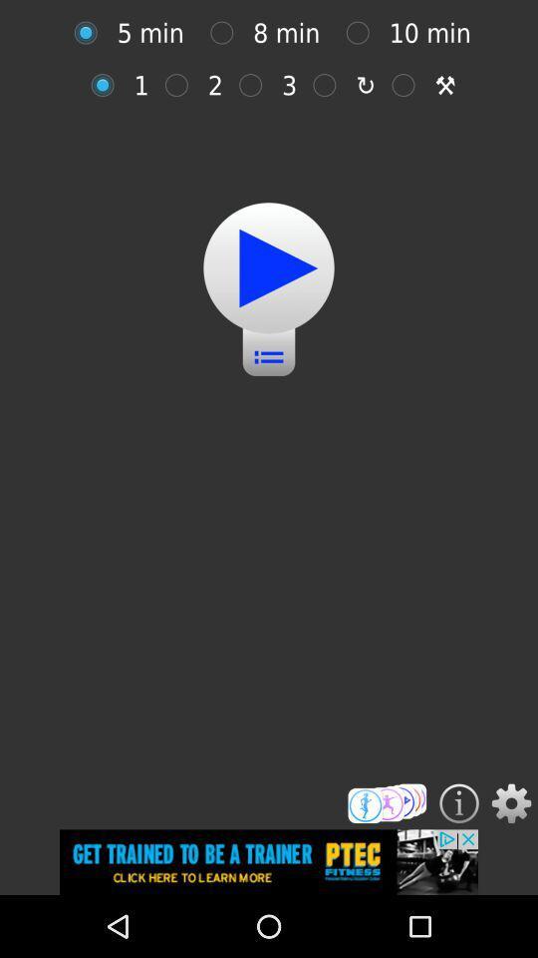 Image resolution: width=538 pixels, height=958 pixels. What do you see at coordinates (362, 32) in the screenshot?
I see `change length to 10 minutes` at bounding box center [362, 32].